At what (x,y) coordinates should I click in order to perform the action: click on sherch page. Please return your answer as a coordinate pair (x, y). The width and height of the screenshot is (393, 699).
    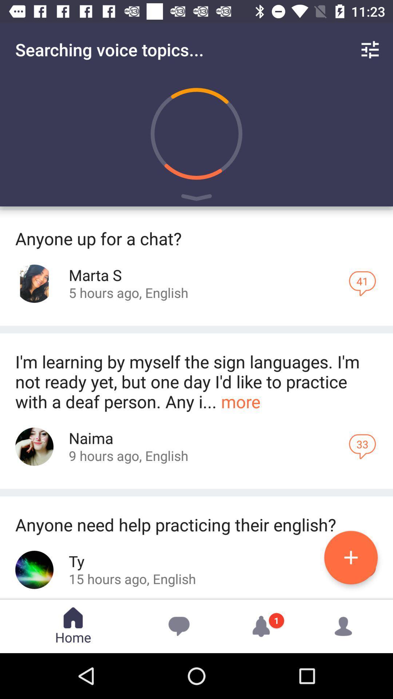
    Looking at the image, I should click on (34, 446).